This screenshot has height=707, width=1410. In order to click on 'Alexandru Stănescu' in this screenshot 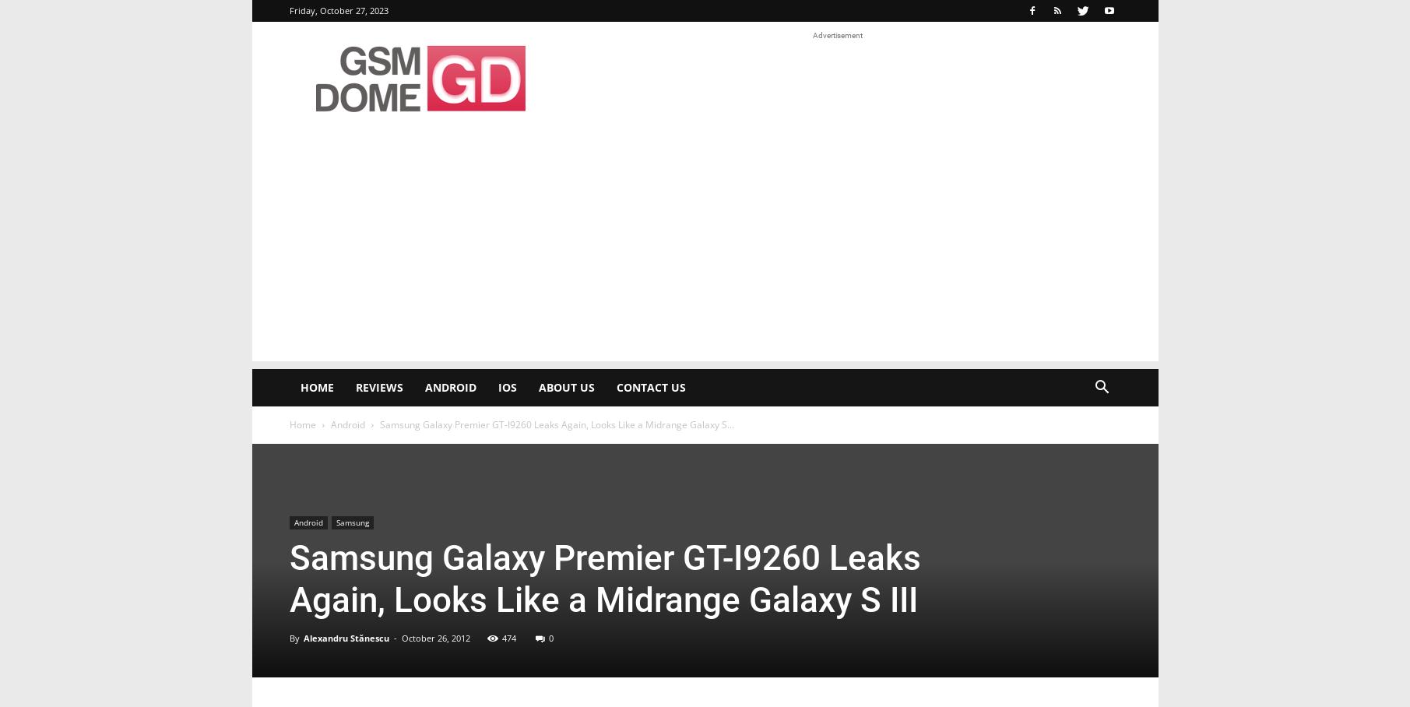, I will do `click(346, 638)`.